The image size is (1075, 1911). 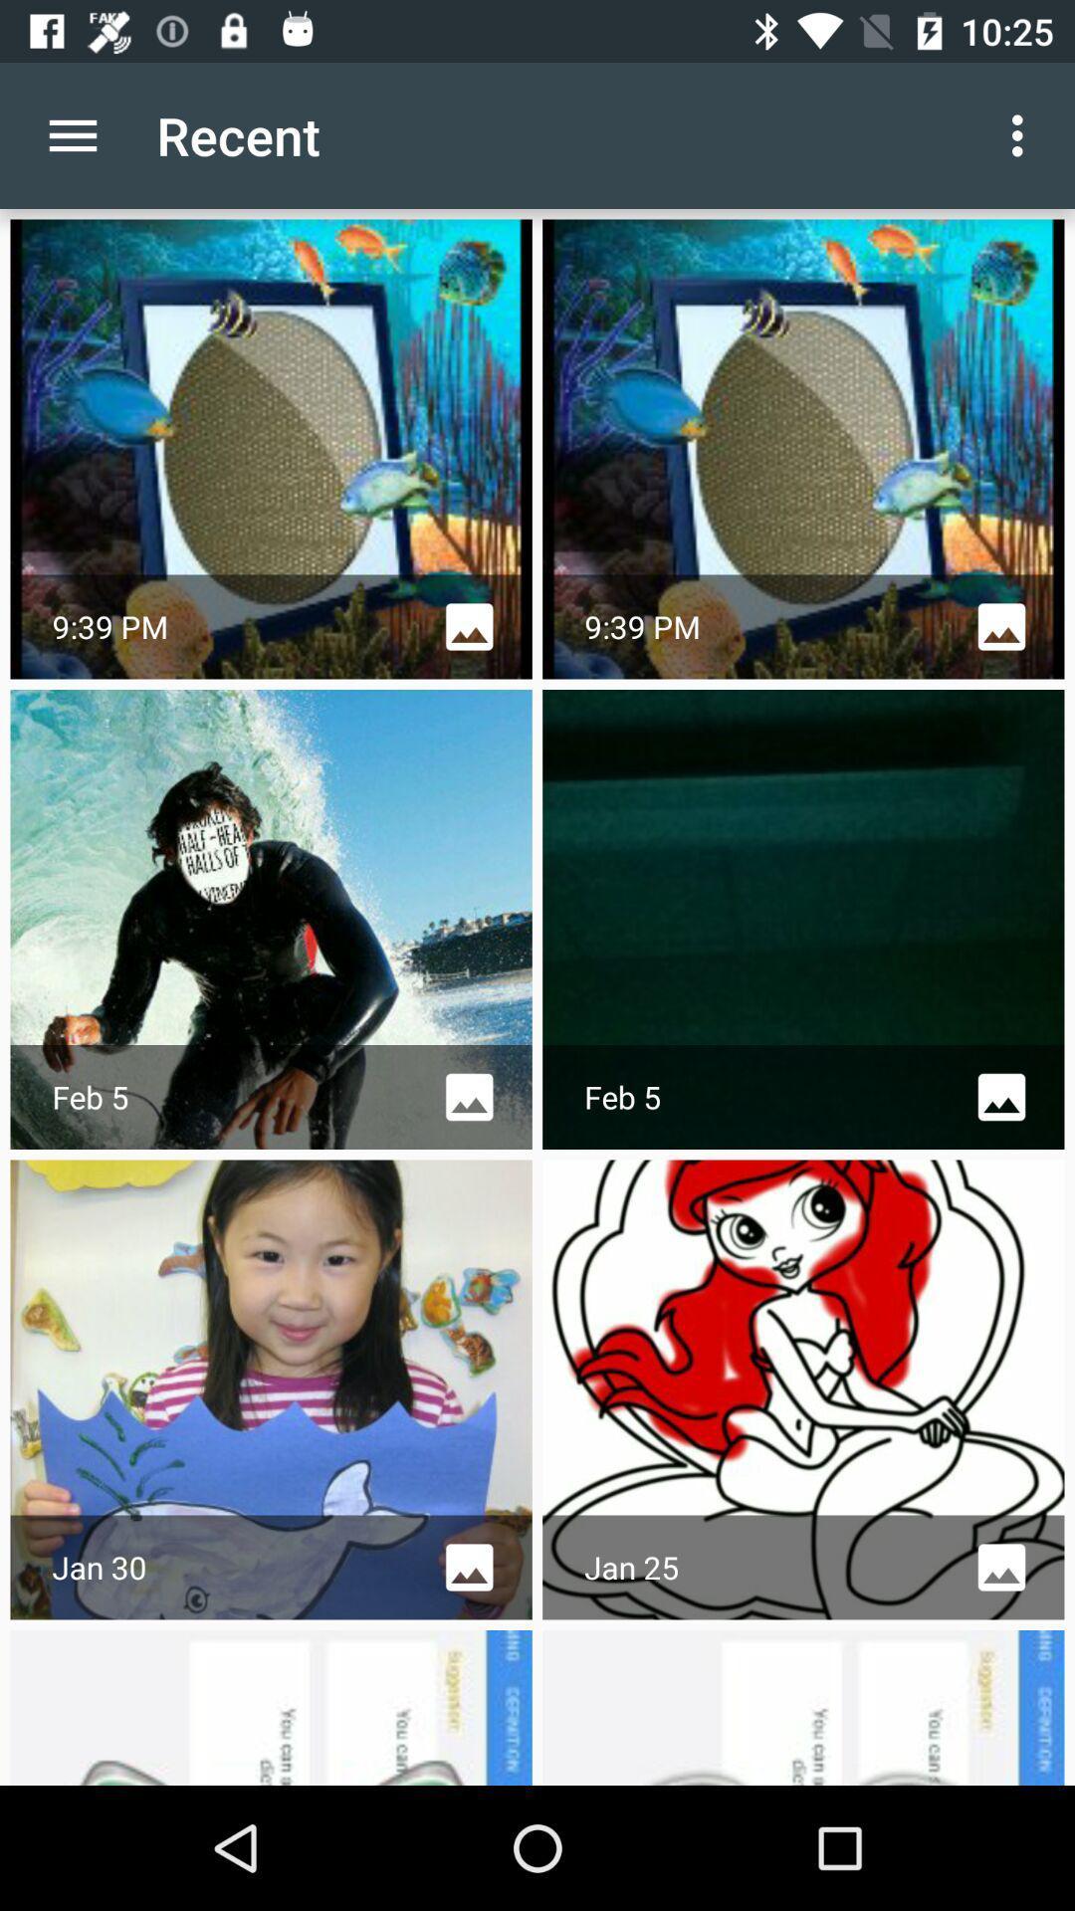 I want to click on the customize and control icon, so click(x=1022, y=135).